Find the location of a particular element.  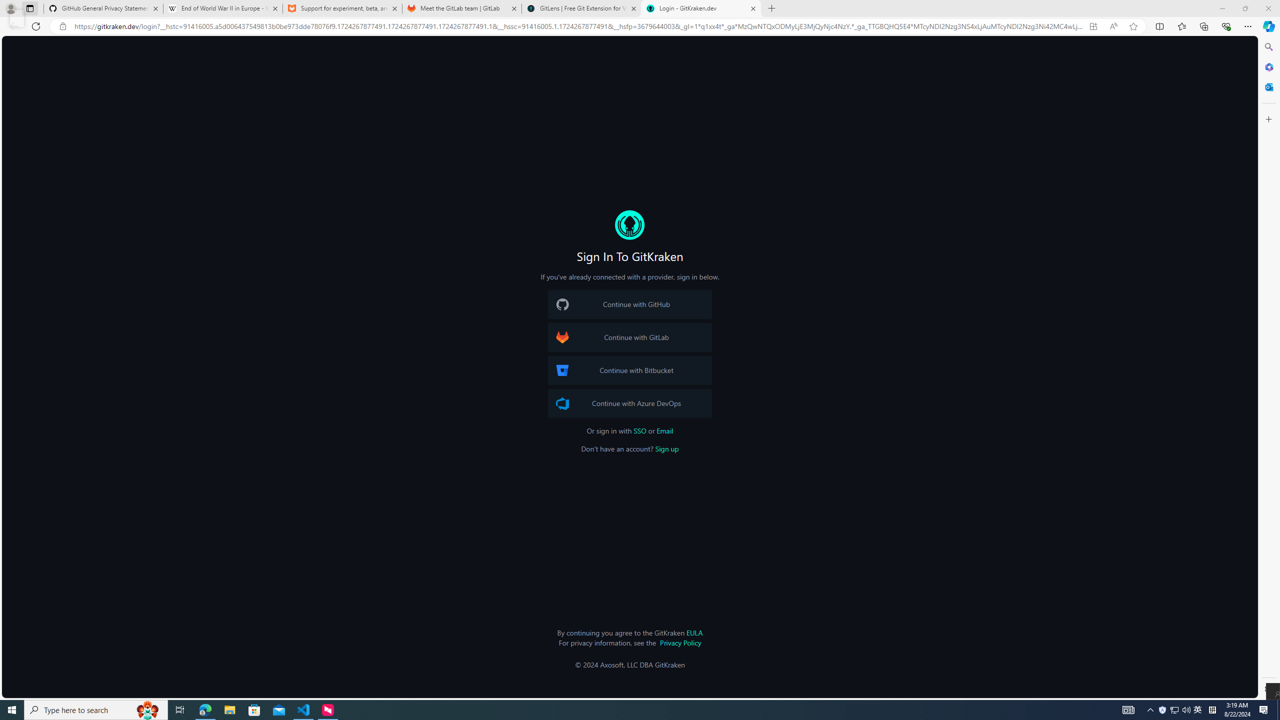

'App available. Install GitKraken.dev' is located at coordinates (1092, 26).